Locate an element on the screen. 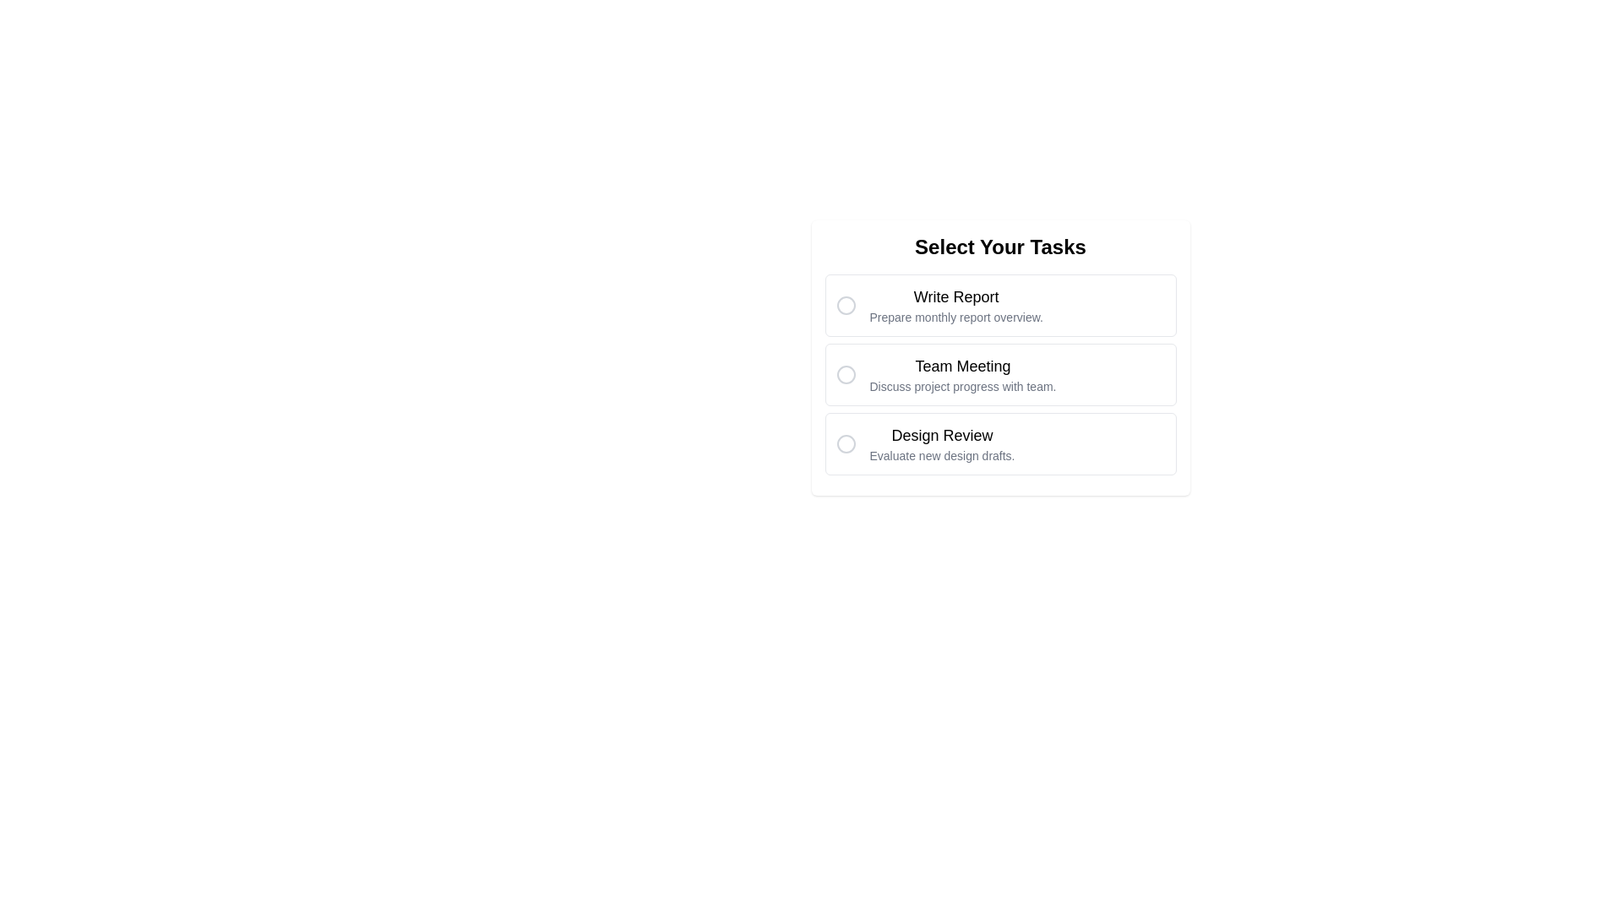  the selectable list item with a radio button labeled 'Design Review' is located at coordinates (1000, 442).